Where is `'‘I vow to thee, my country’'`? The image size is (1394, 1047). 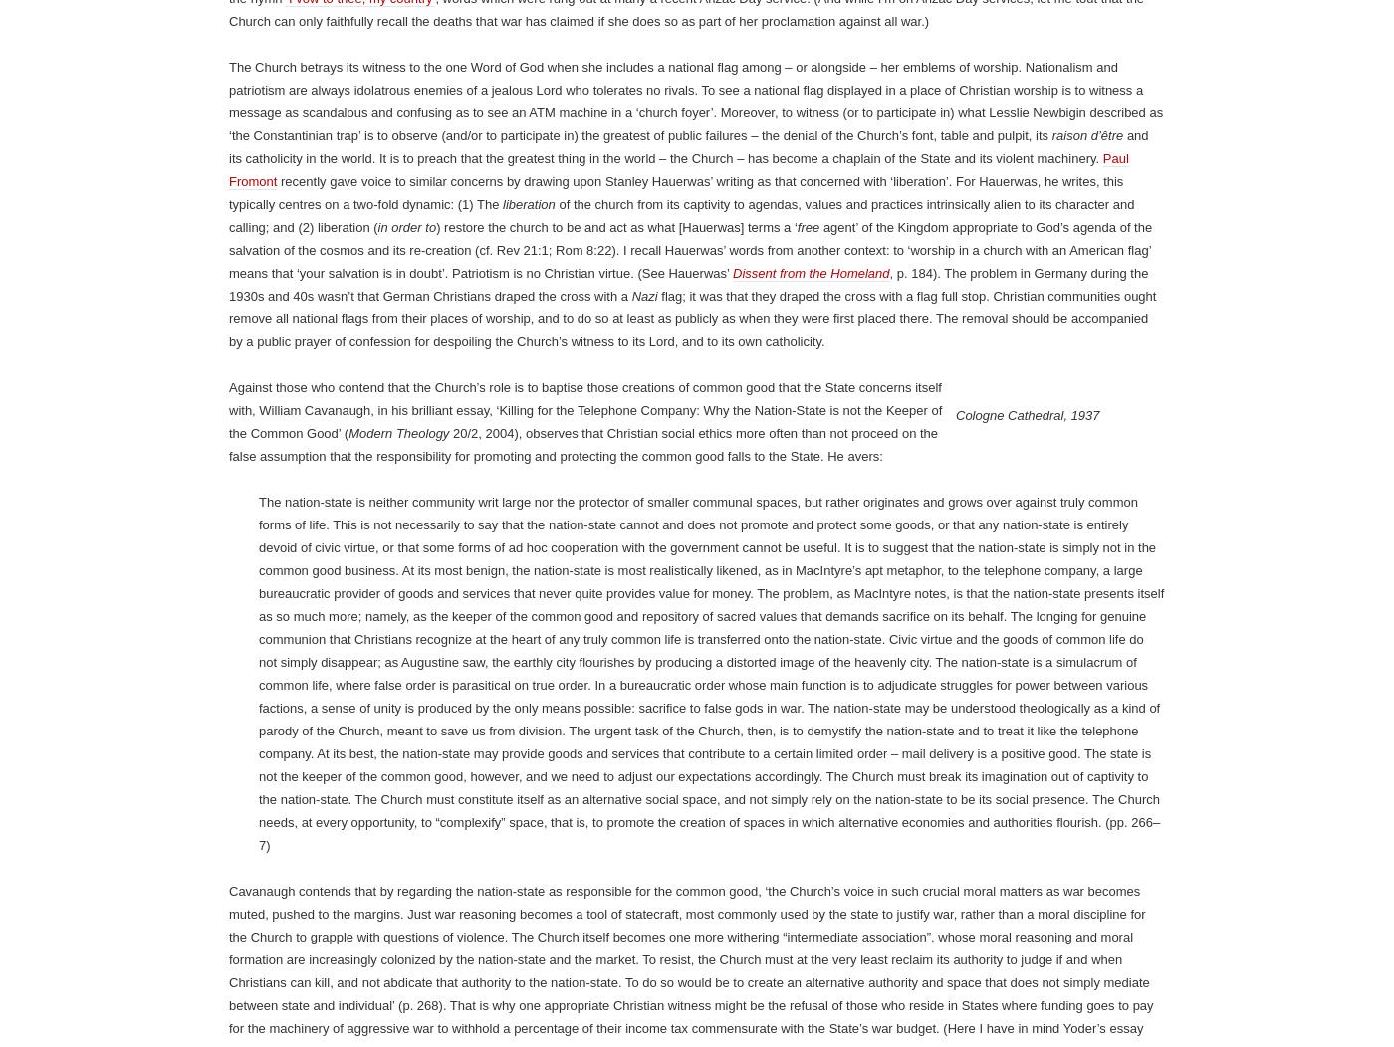 '‘I vow to thee, my country’' is located at coordinates (360, 760).